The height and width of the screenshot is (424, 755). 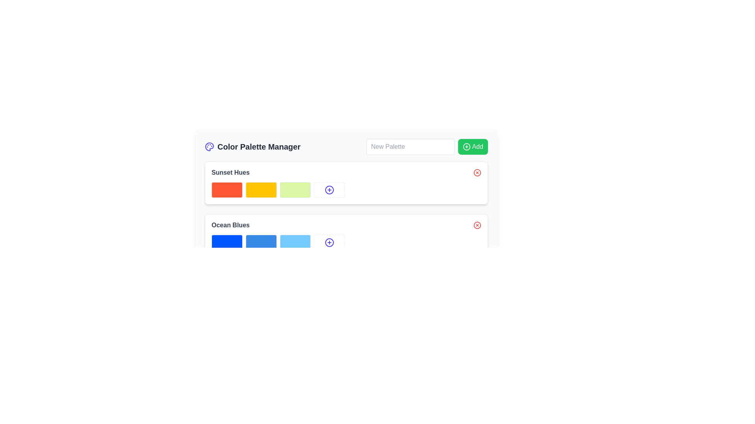 I want to click on the yellow color swatch in the 'Sunset Hues' section of the color palette manager interface, which is located between a red rectangle and a light green rectangle, so click(x=261, y=190).